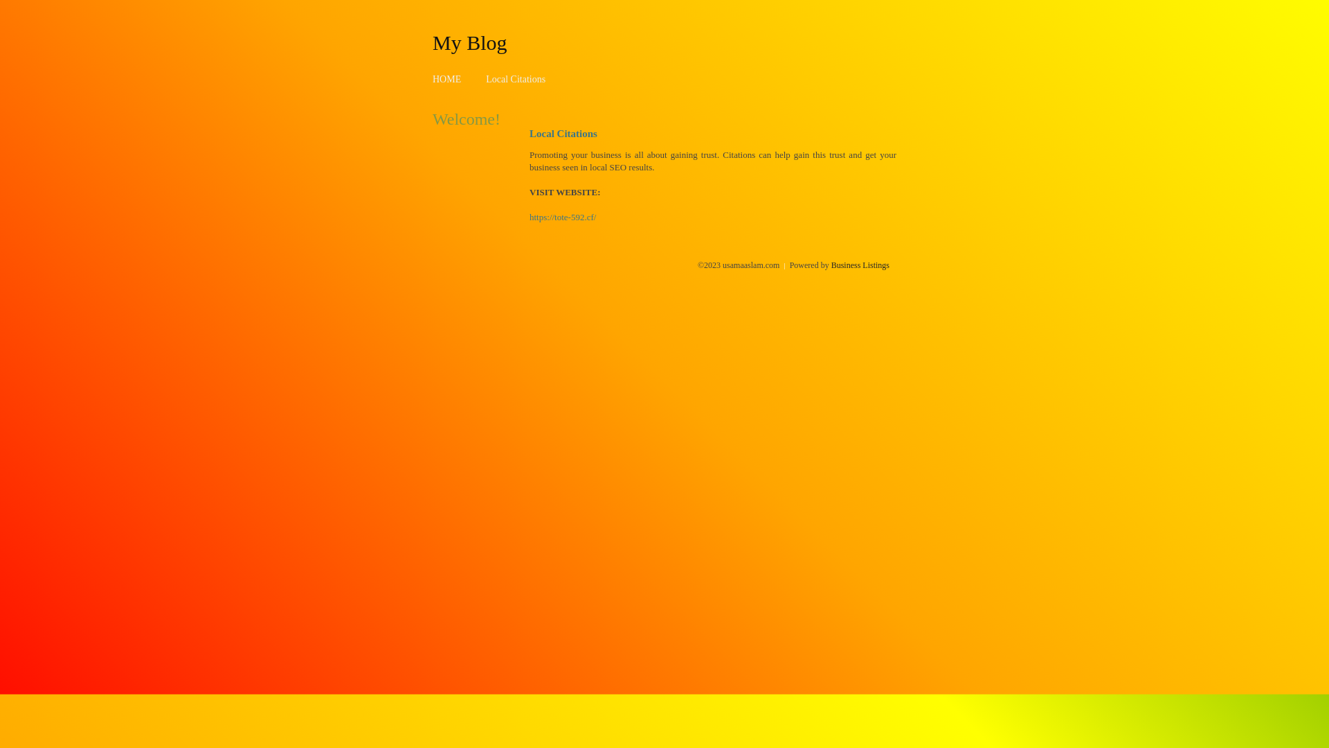 Image resolution: width=1329 pixels, height=748 pixels. Describe the element at coordinates (562, 217) in the screenshot. I see `'https://tote-592.cf/'` at that location.